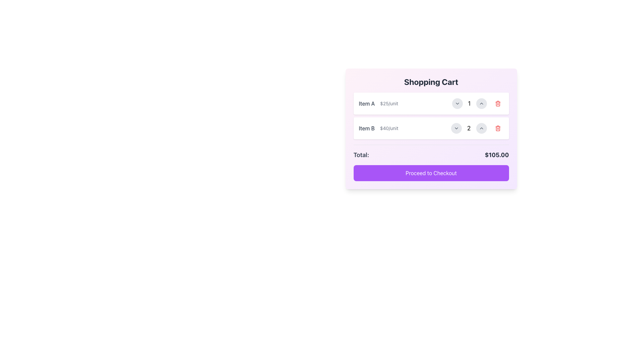  Describe the element at coordinates (456, 128) in the screenshot. I see `the downward-pointing arrow icon inside the circular button located to the right of the quantity selector for 'Item B'` at that location.